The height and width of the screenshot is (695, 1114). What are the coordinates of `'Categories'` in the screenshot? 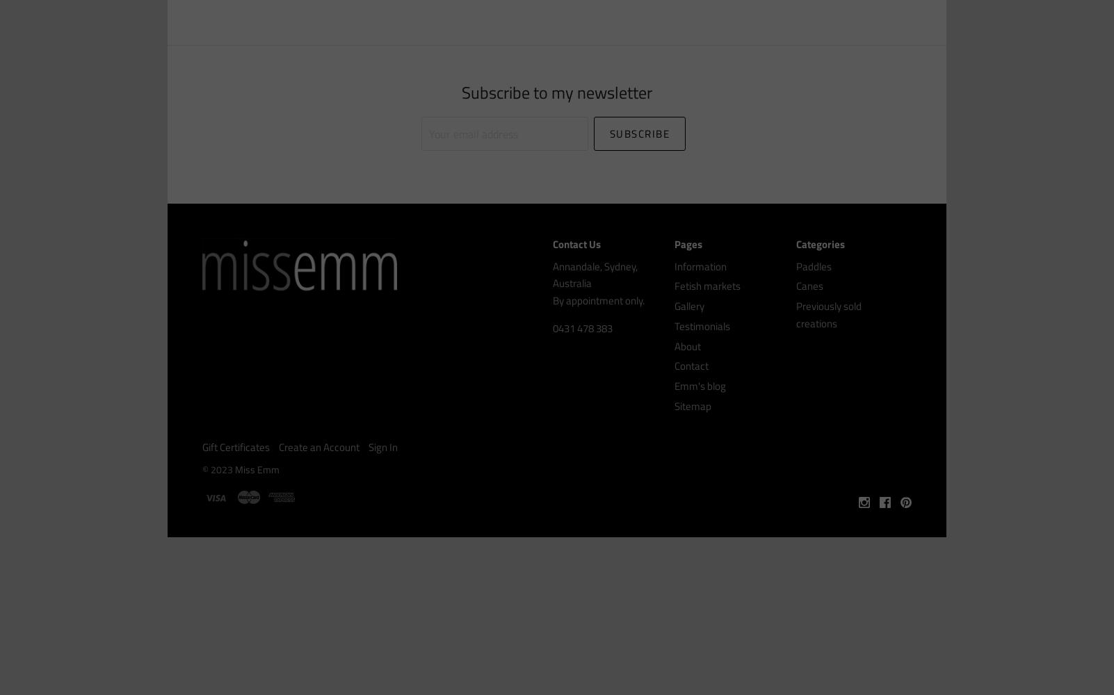 It's located at (820, 243).